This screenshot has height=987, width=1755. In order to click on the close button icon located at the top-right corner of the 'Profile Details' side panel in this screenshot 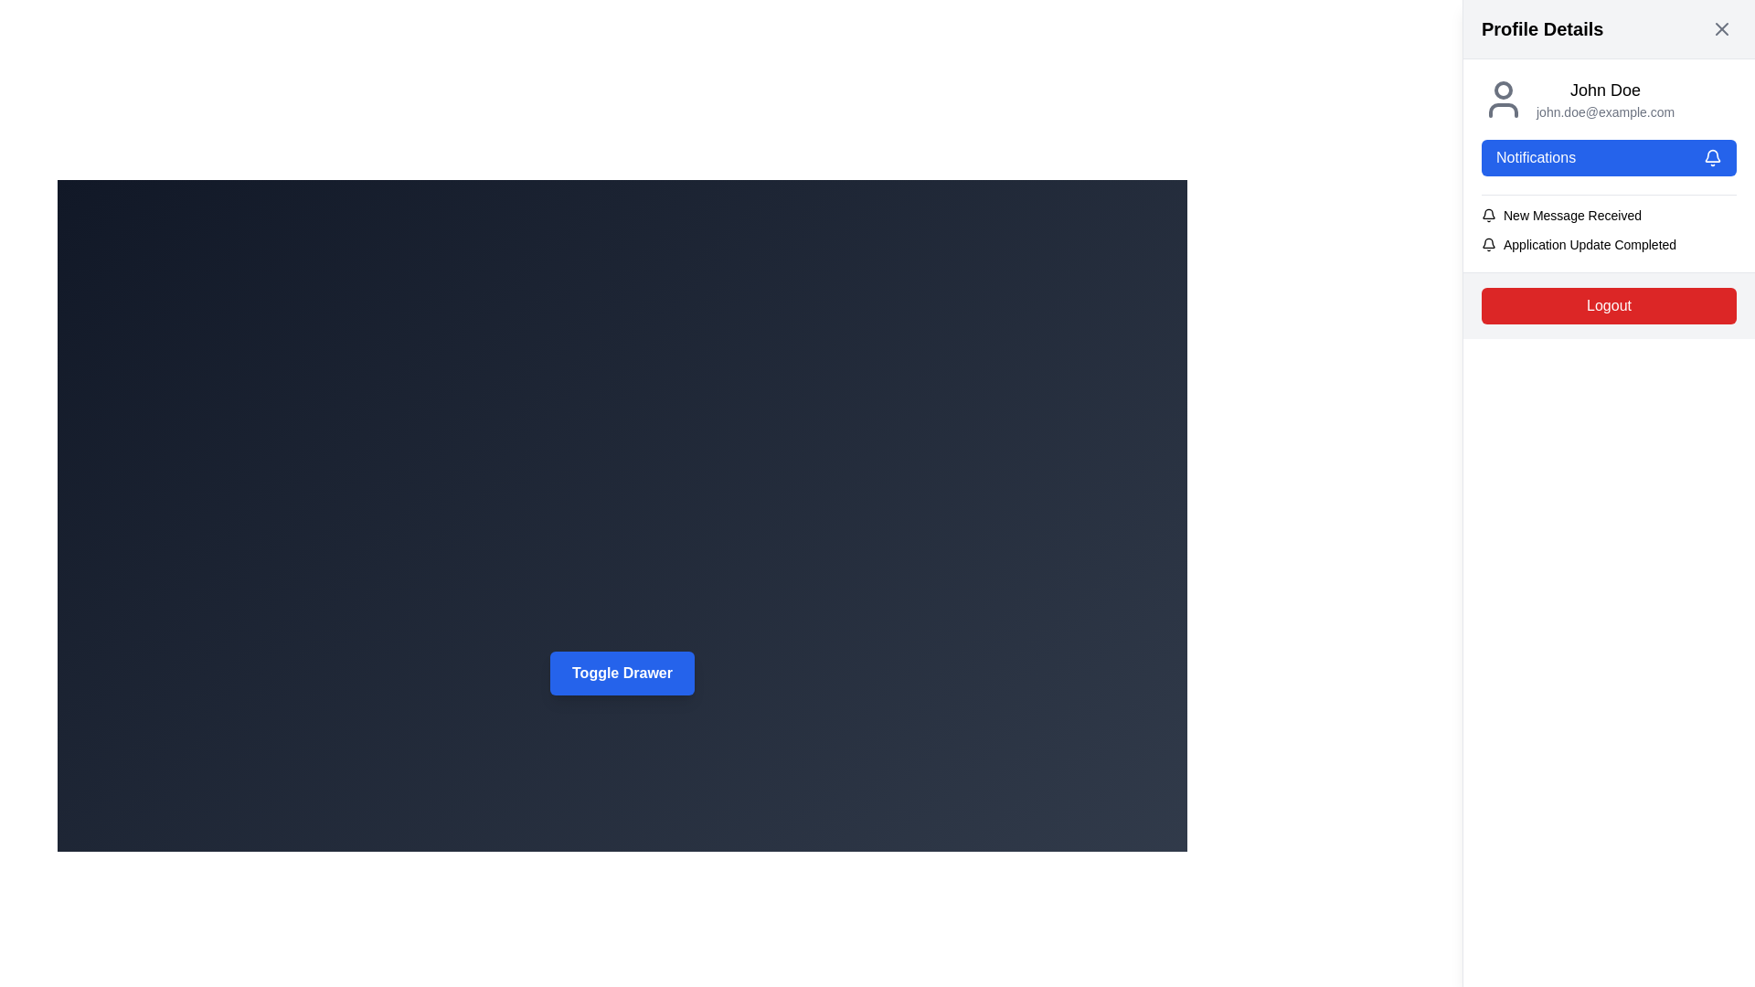, I will do `click(1720, 28)`.